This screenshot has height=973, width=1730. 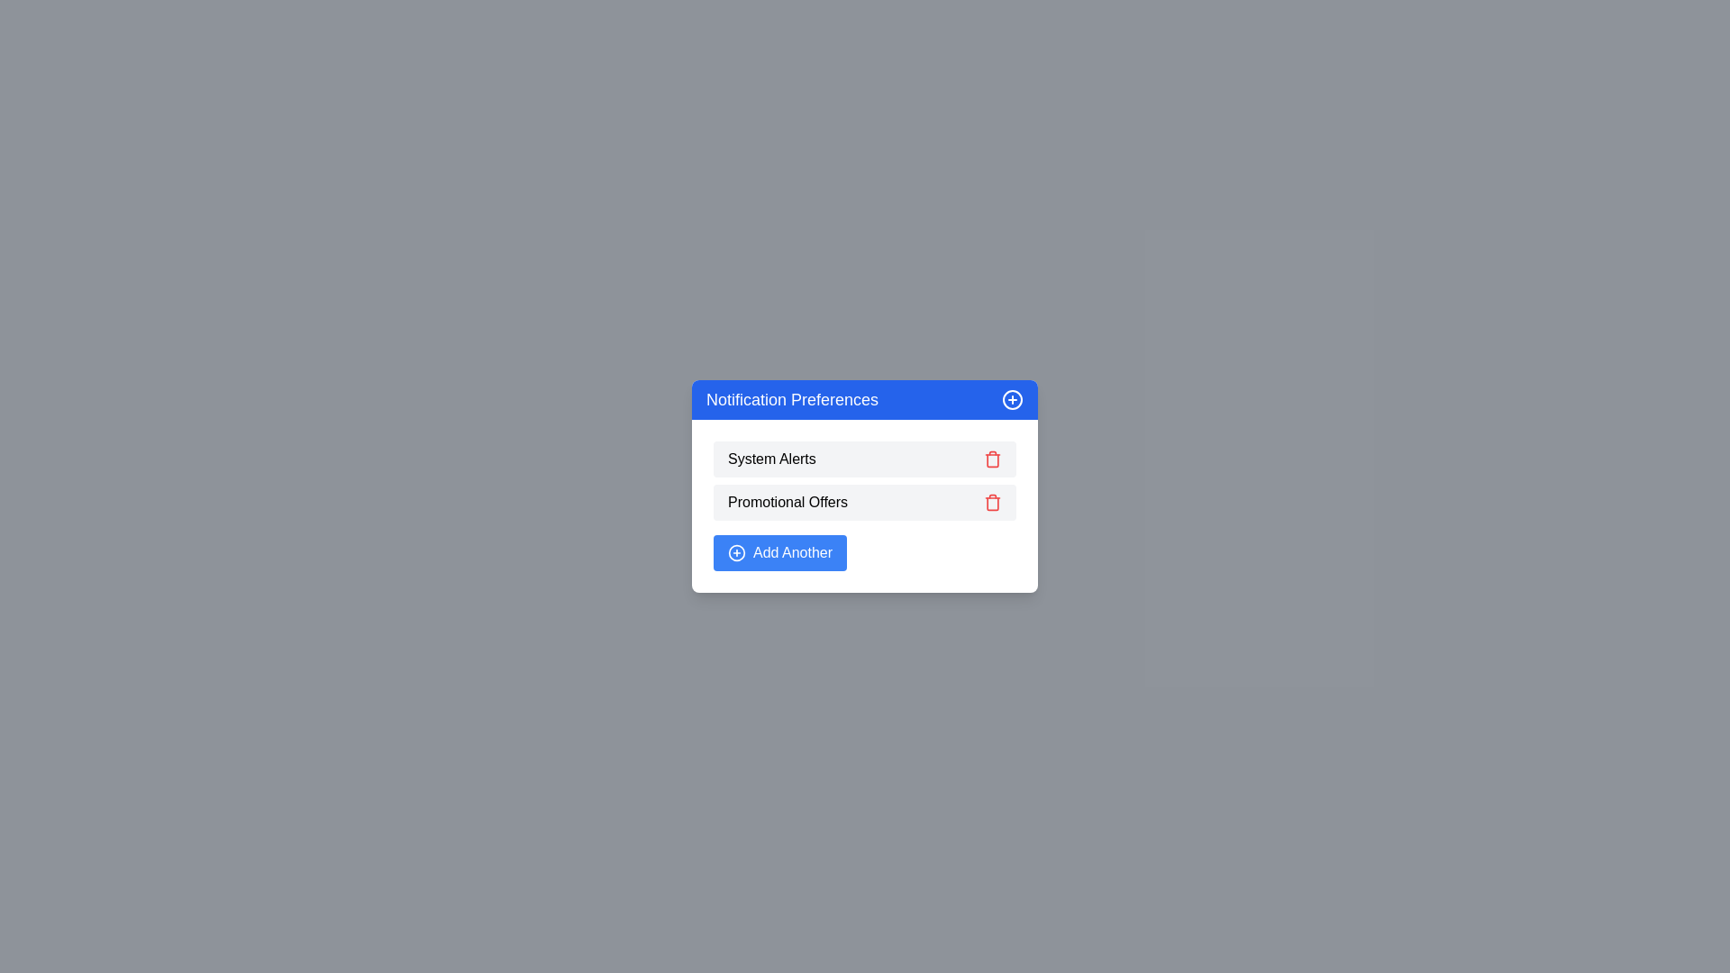 I want to click on the outlined circle icon with a plus symbol inside it, which is positioned to the left of the 'Add Another' button, so click(x=736, y=551).